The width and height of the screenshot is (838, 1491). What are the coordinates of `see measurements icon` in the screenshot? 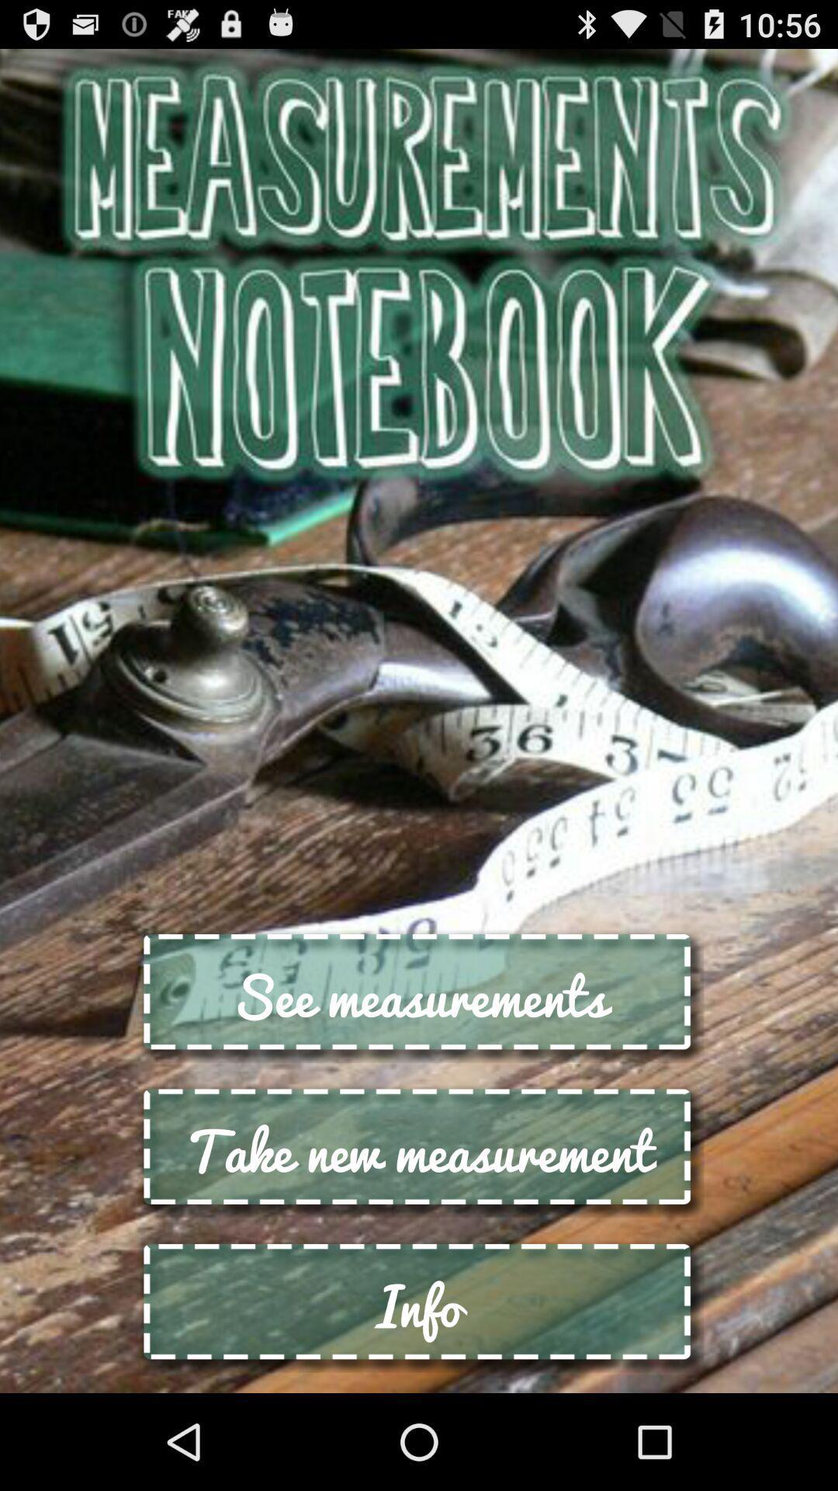 It's located at (419, 996).